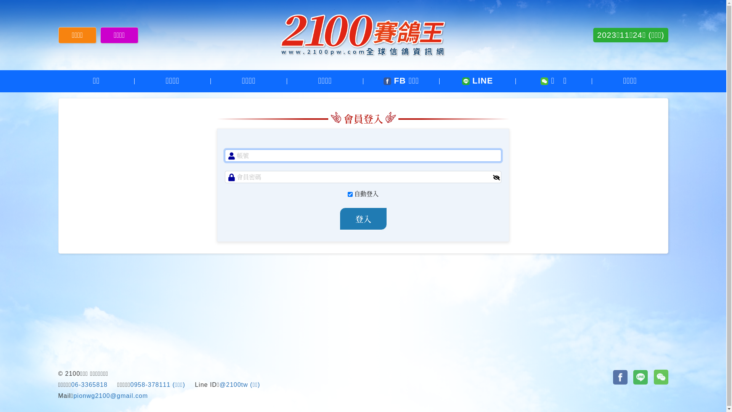 The image size is (732, 412). Describe the element at coordinates (130, 385) in the screenshot. I see `'0958-378111'` at that location.